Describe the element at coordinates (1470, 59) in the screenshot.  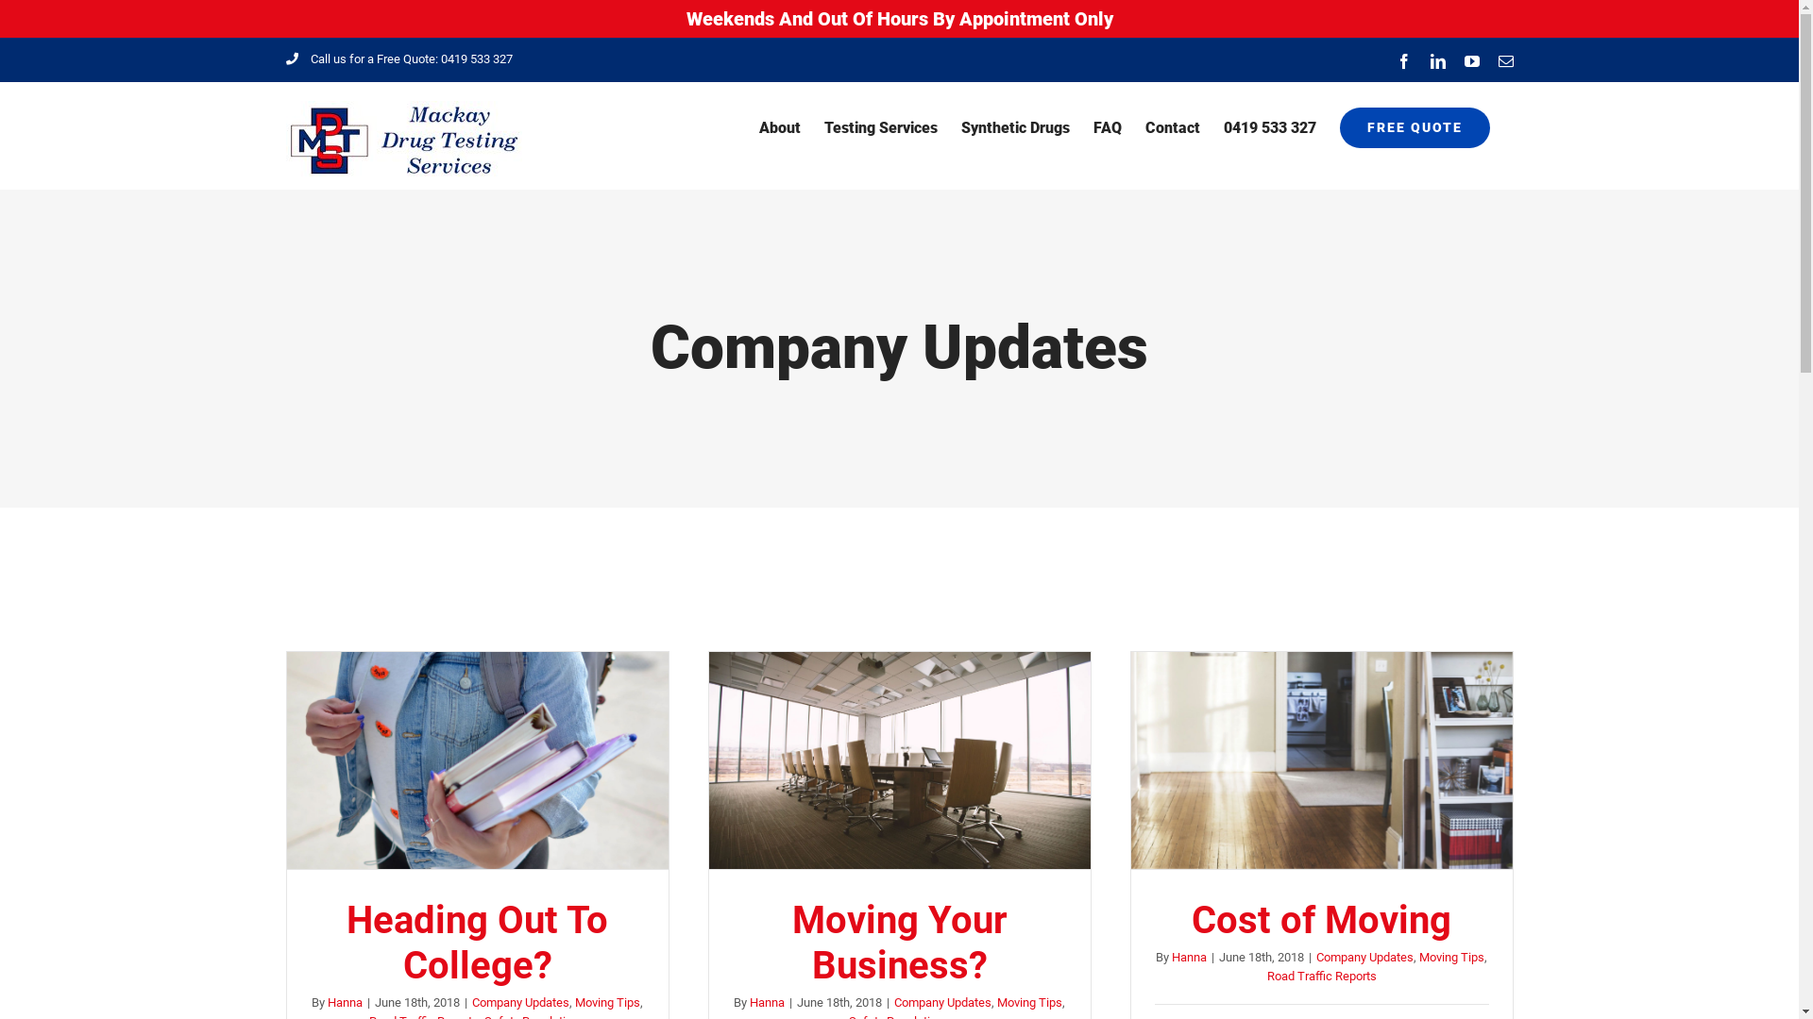
I see `'YouTube'` at that location.